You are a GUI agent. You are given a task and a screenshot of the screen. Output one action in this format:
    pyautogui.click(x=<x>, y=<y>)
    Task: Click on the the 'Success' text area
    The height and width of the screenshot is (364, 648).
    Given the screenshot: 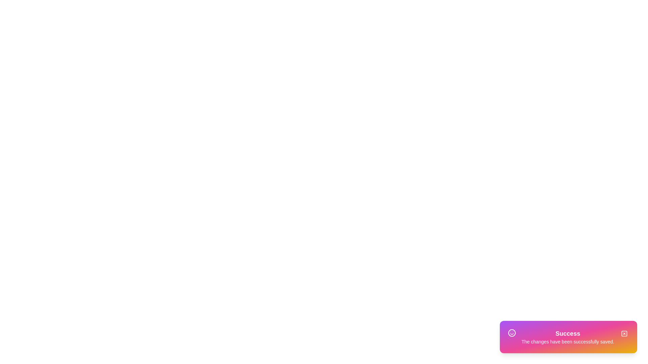 What is the action you would take?
    pyautogui.click(x=567, y=334)
    